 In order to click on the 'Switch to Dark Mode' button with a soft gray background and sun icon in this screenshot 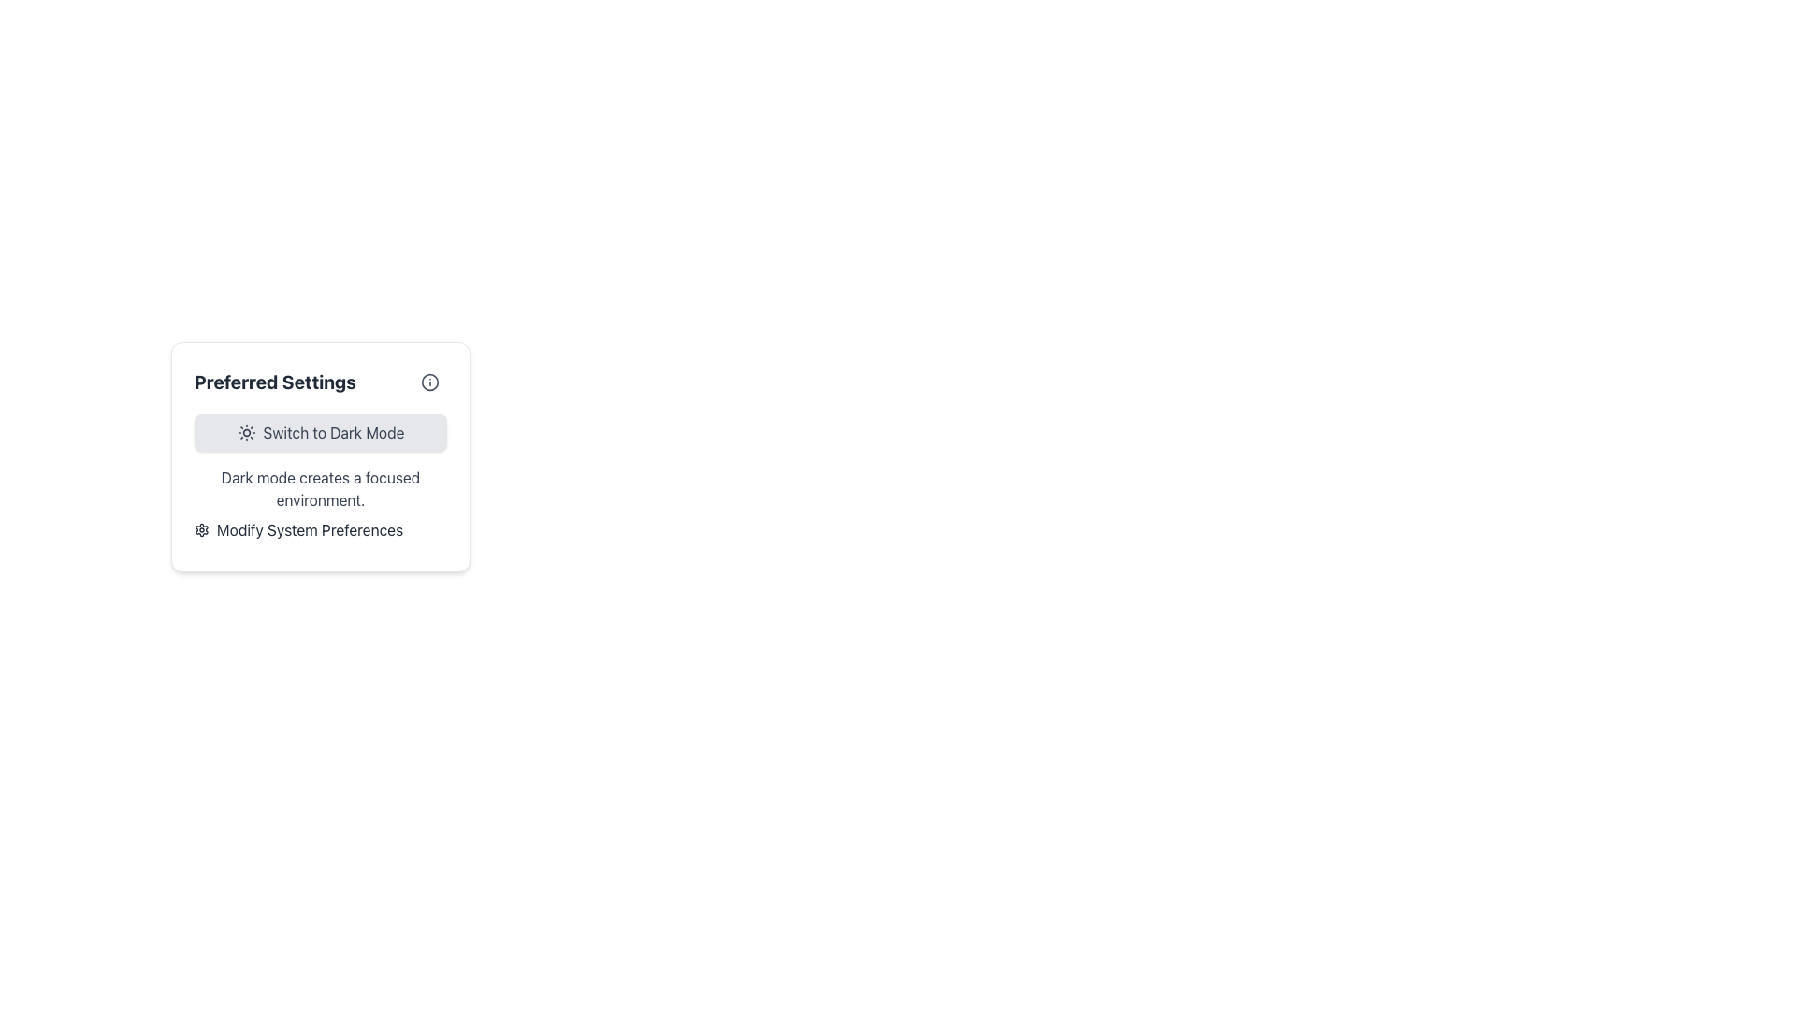, I will do `click(320, 432)`.